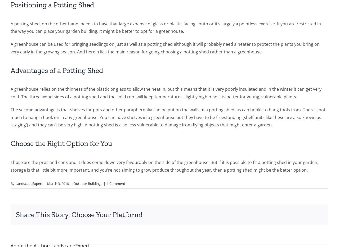 Image resolution: width=339 pixels, height=247 pixels. What do you see at coordinates (61, 143) in the screenshot?
I see `'Choose the Right Option for You'` at bounding box center [61, 143].